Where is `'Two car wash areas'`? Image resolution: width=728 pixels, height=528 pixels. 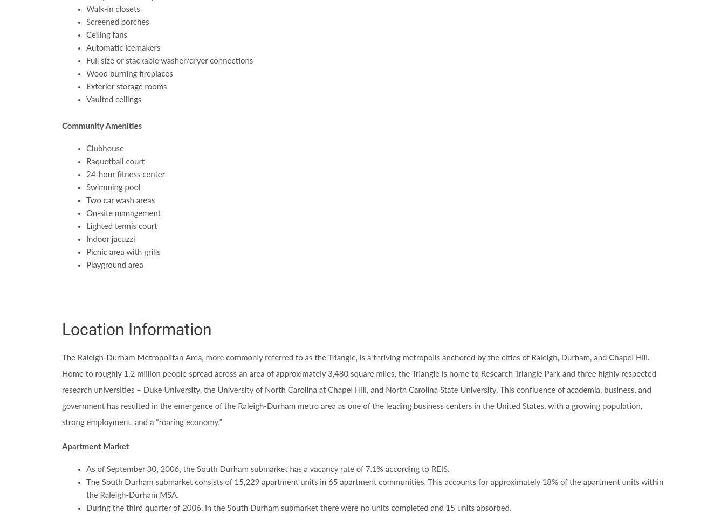
'Two car wash areas' is located at coordinates (120, 200).